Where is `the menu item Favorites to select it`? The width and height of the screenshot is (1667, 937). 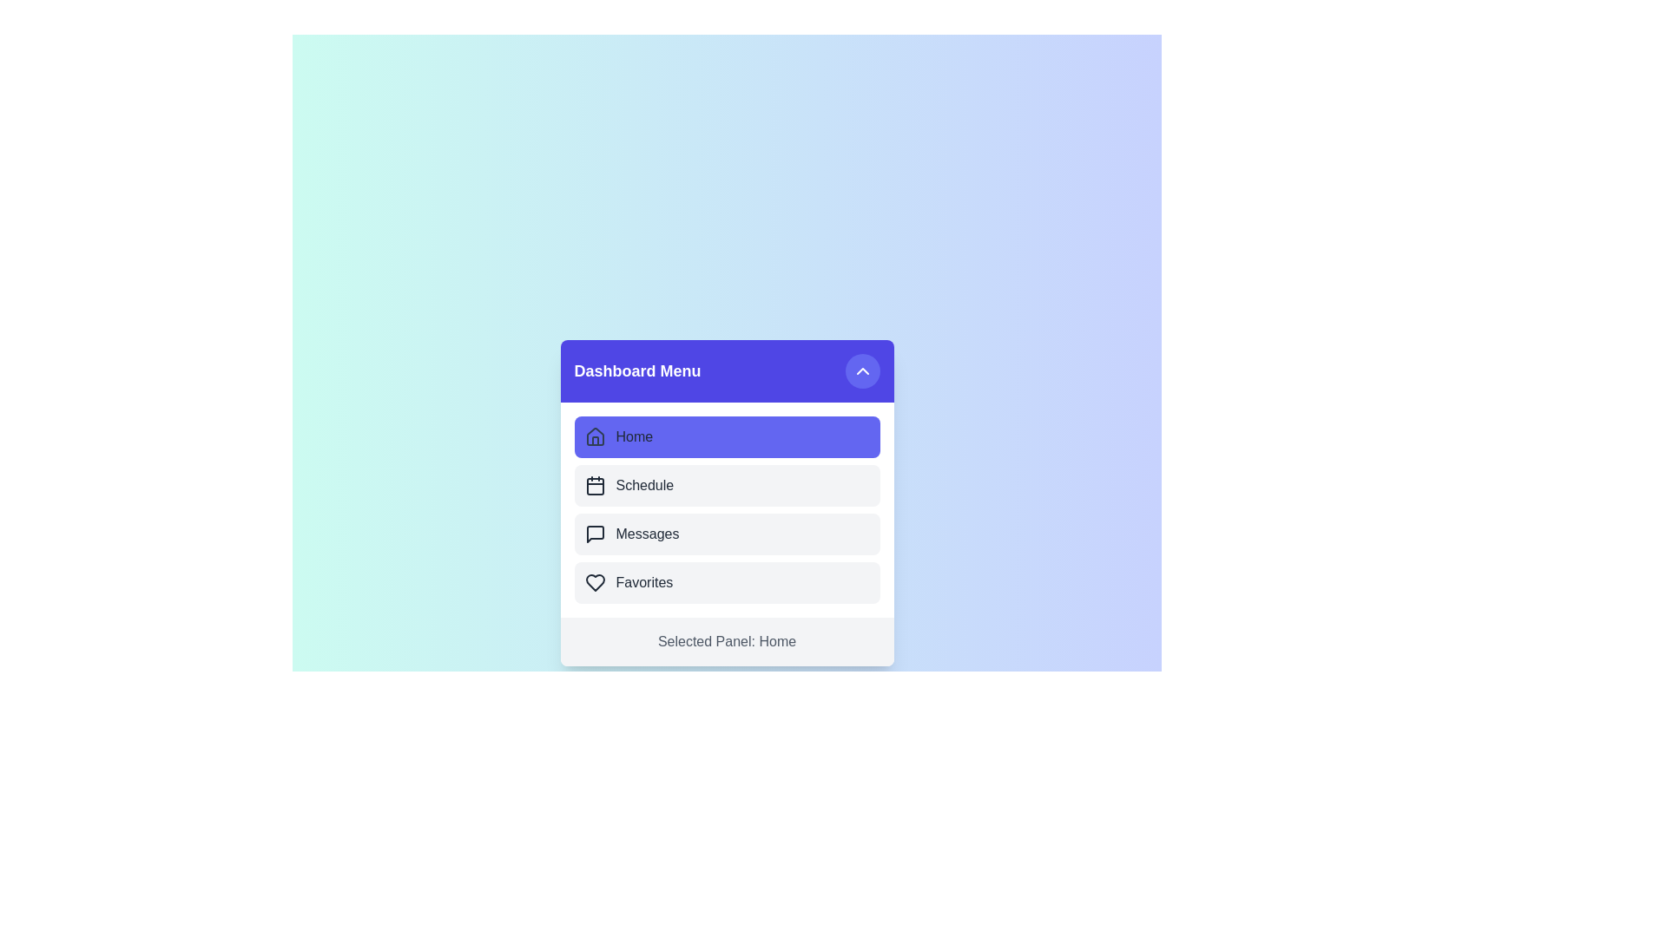 the menu item Favorites to select it is located at coordinates (727, 582).